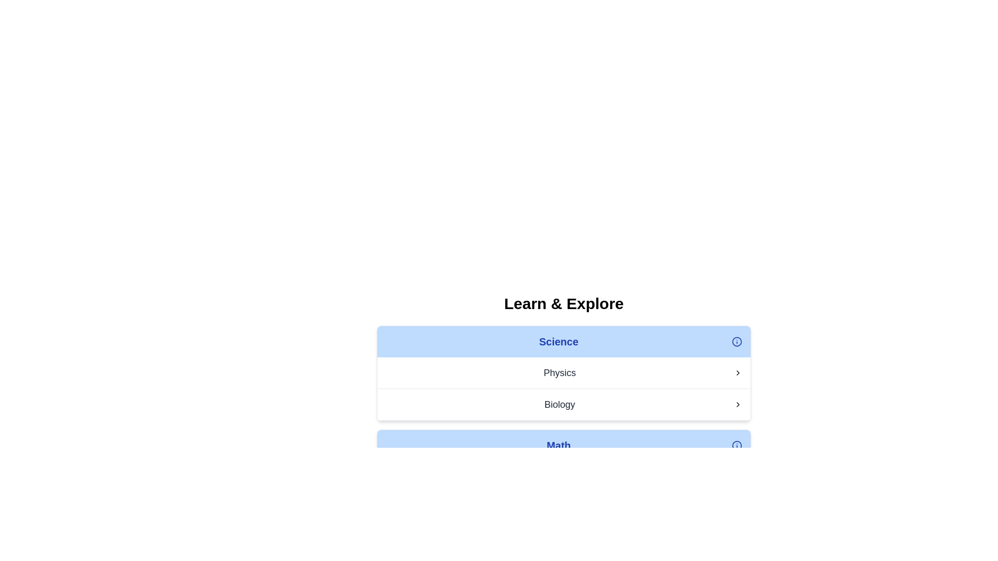 The height and width of the screenshot is (561, 998). I want to click on the informational icon located to the far right within the 'Math' section, so click(736, 445).